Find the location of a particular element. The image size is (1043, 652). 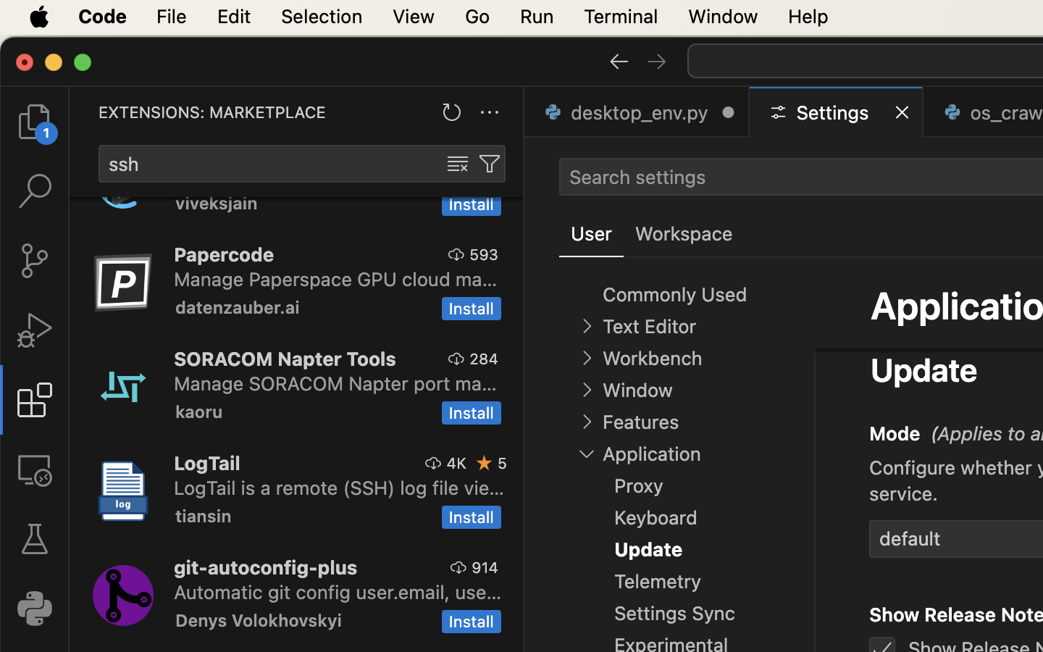

'4K' is located at coordinates (456, 463).